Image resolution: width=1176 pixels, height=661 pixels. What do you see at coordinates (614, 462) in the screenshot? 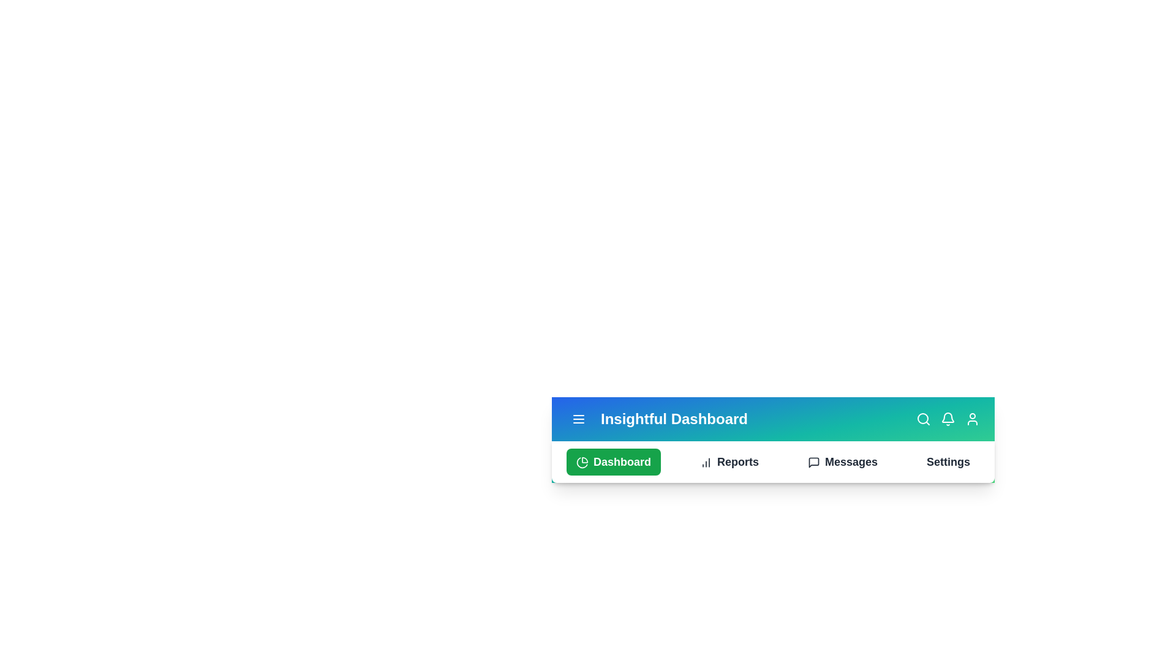
I see `the navigation option Dashboard` at bounding box center [614, 462].